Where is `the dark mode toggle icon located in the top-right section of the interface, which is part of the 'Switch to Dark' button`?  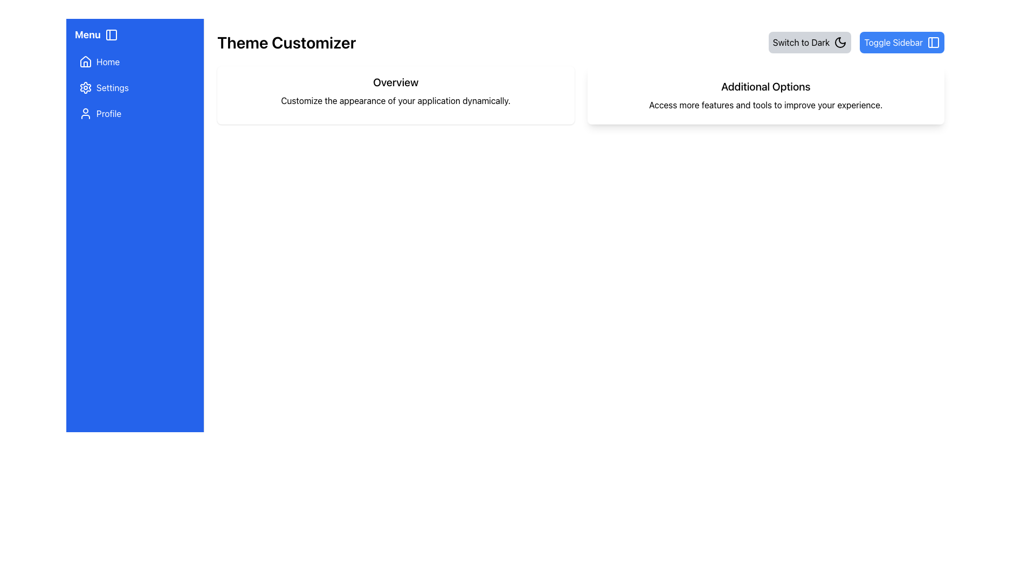 the dark mode toggle icon located in the top-right section of the interface, which is part of the 'Switch to Dark' button is located at coordinates (840, 41).